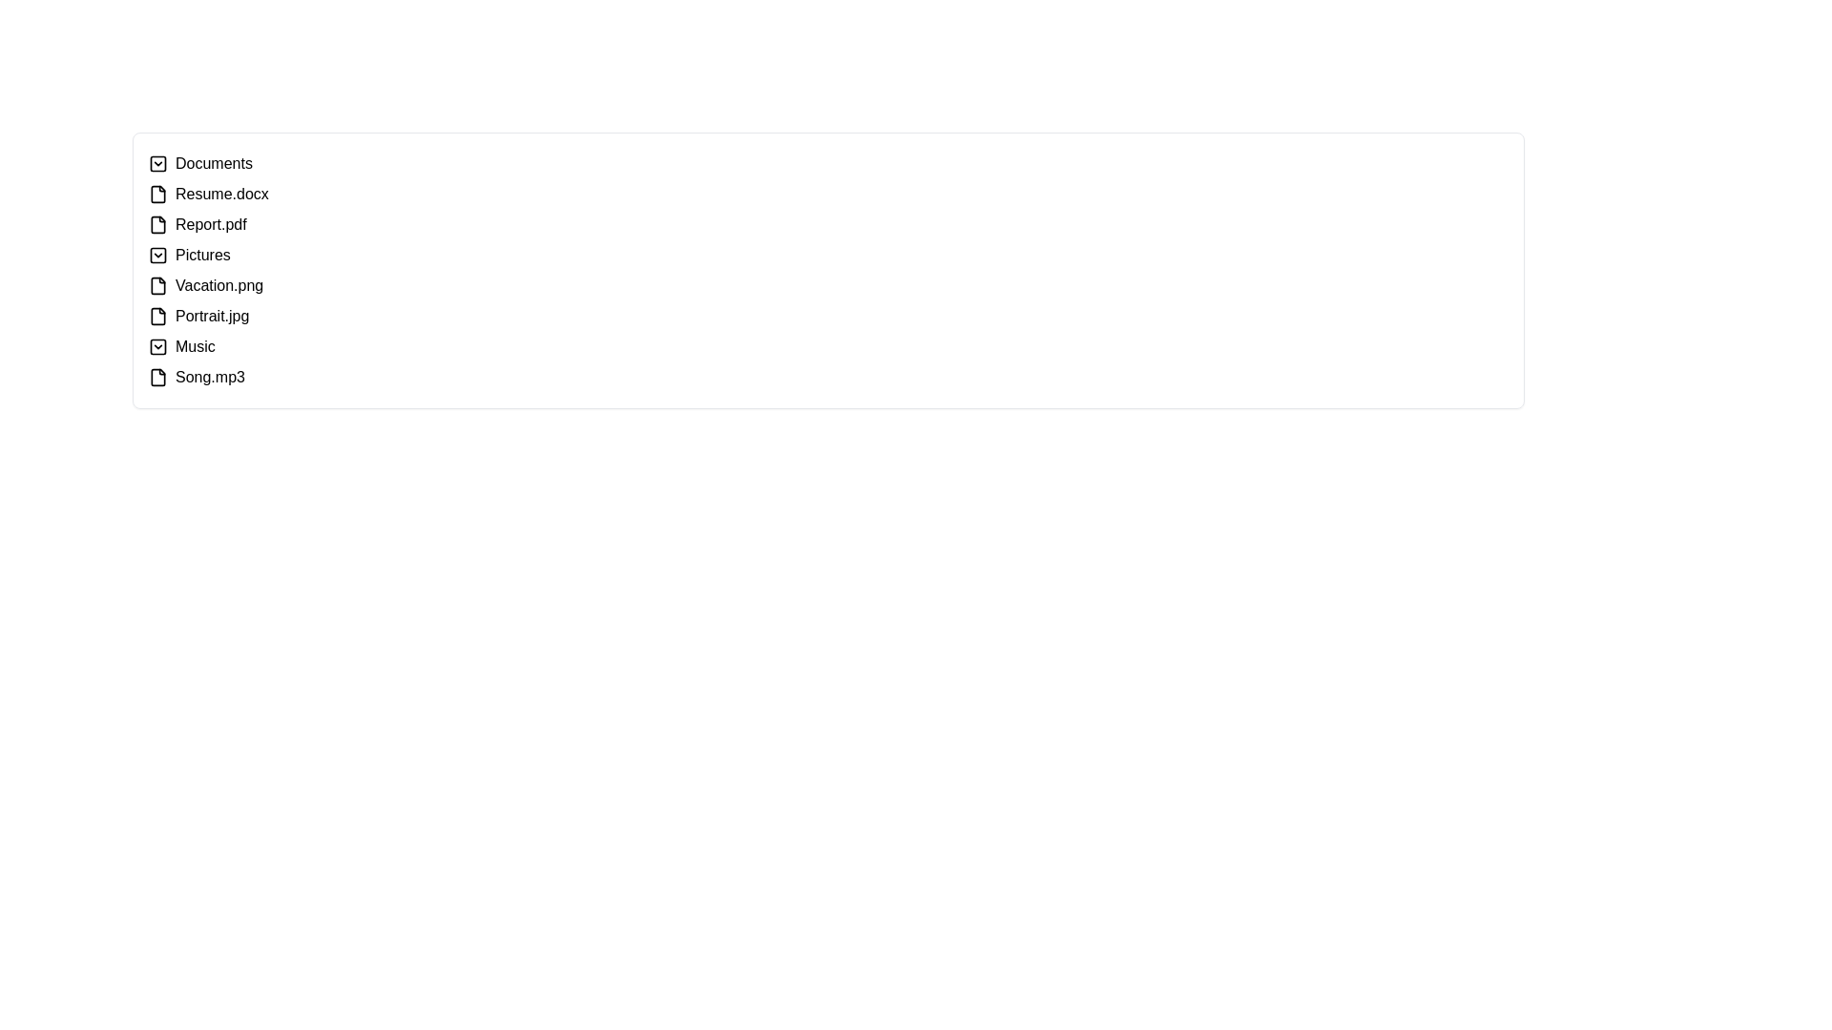  Describe the element at coordinates (158, 286) in the screenshot. I see `the icon representing the file type for 'Vacation.png'` at that location.